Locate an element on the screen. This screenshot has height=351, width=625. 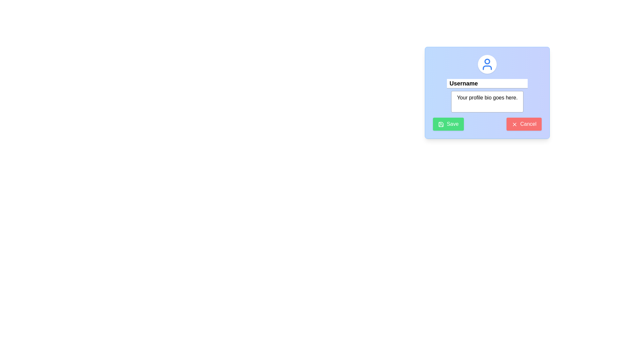
the user icon SVG element, which is located at the center of a circular white background at the top of a modal dialog box is located at coordinates (487, 64).